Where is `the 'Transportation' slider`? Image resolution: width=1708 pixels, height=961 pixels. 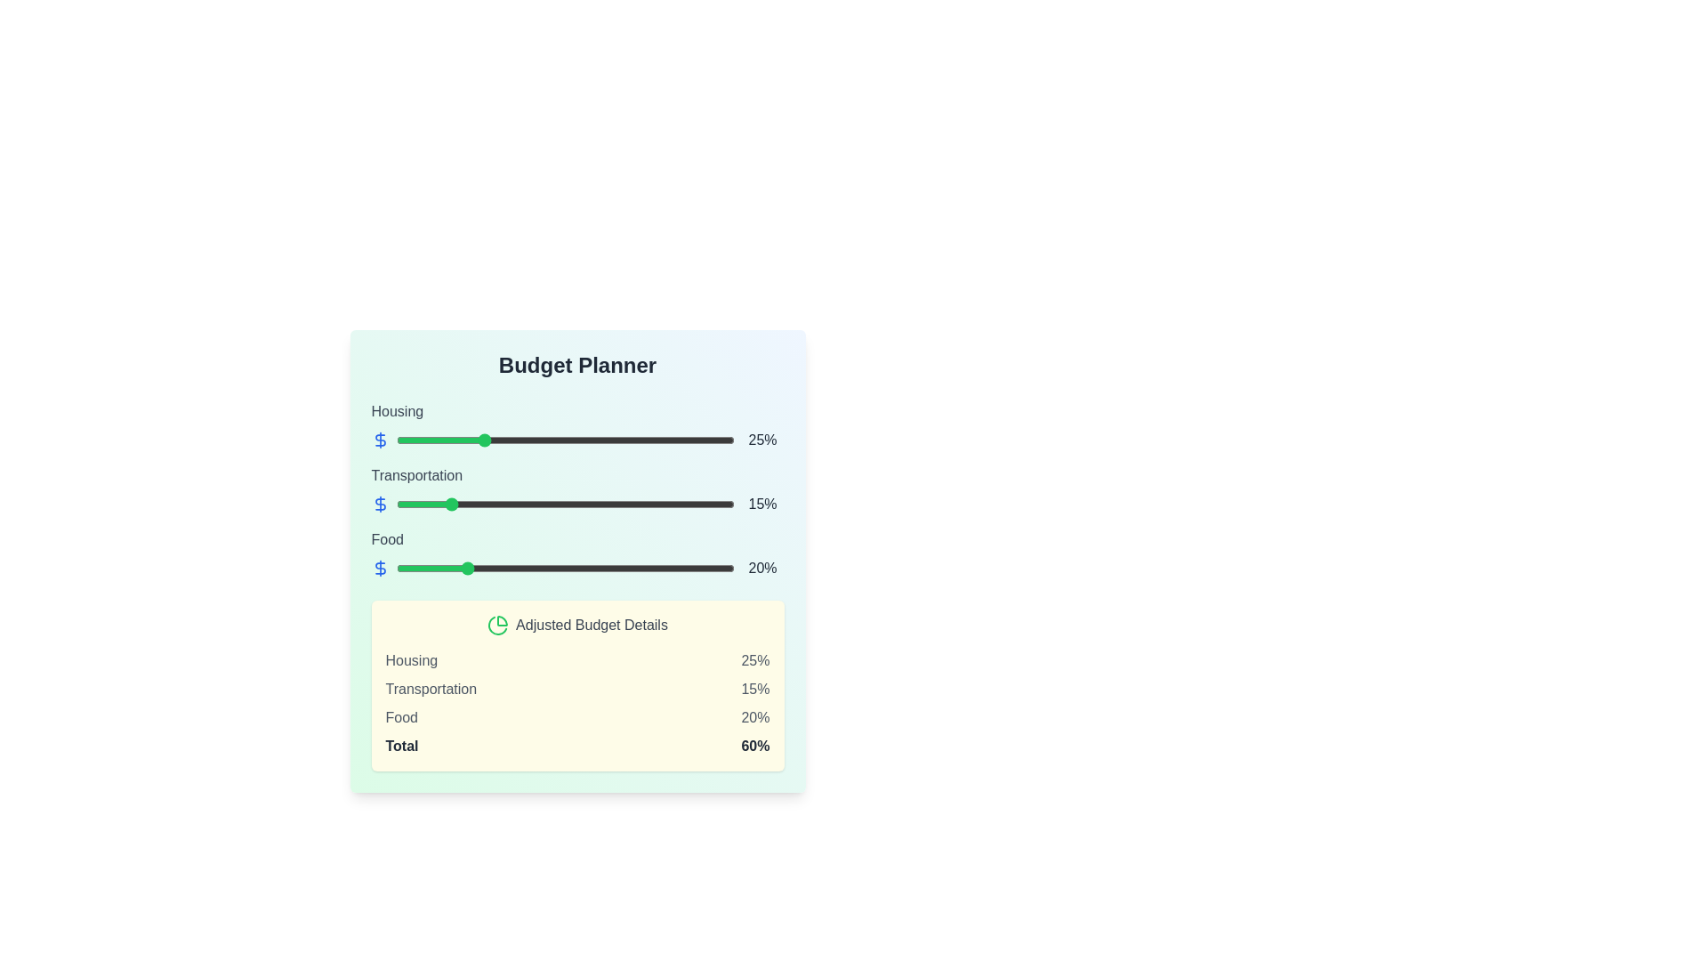
the 'Transportation' slider is located at coordinates (629, 505).